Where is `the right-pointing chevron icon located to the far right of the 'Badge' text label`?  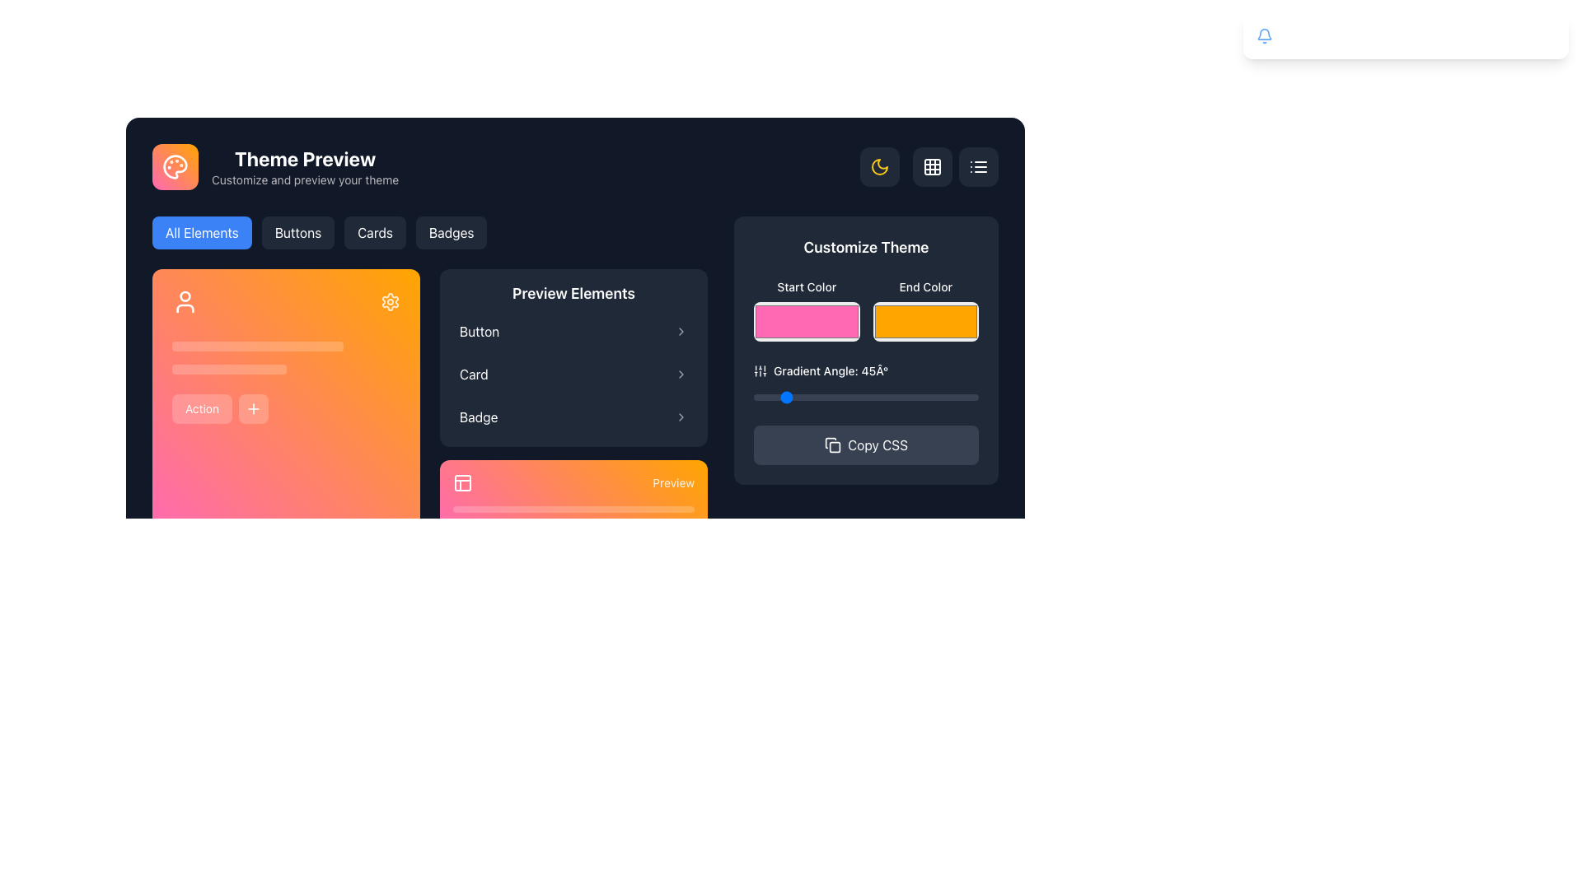
the right-pointing chevron icon located to the far right of the 'Badge' text label is located at coordinates (681, 416).